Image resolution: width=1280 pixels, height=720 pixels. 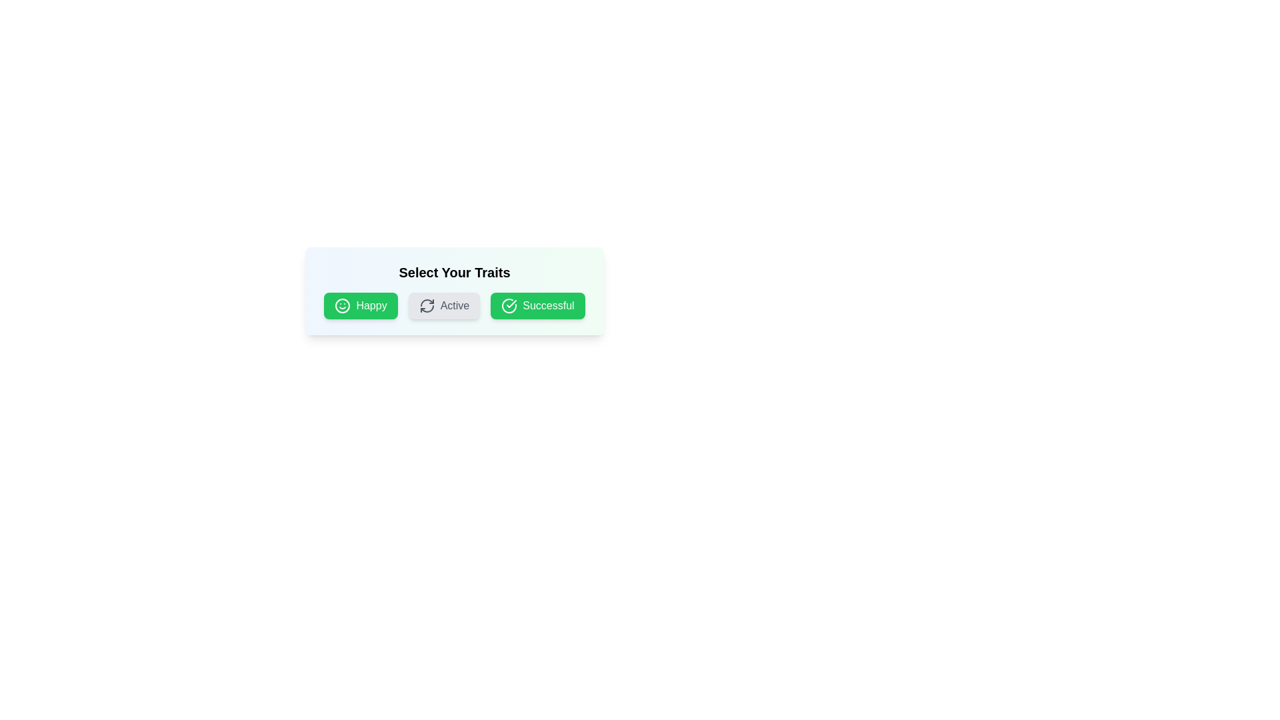 I want to click on the tag Successful, so click(x=537, y=306).